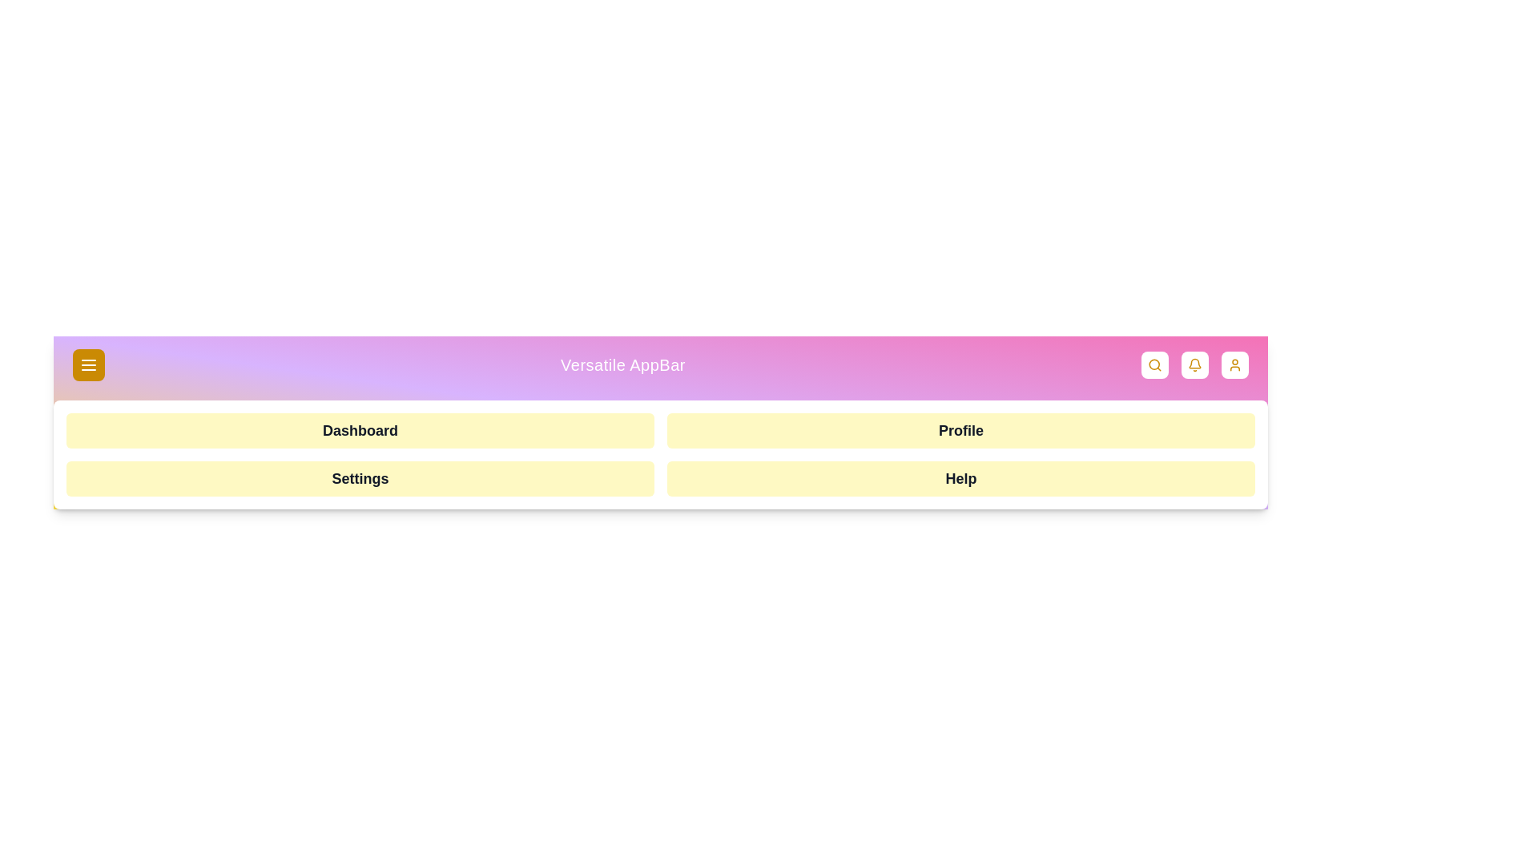 The image size is (1538, 865). I want to click on the menu option Settings, so click(360, 477).